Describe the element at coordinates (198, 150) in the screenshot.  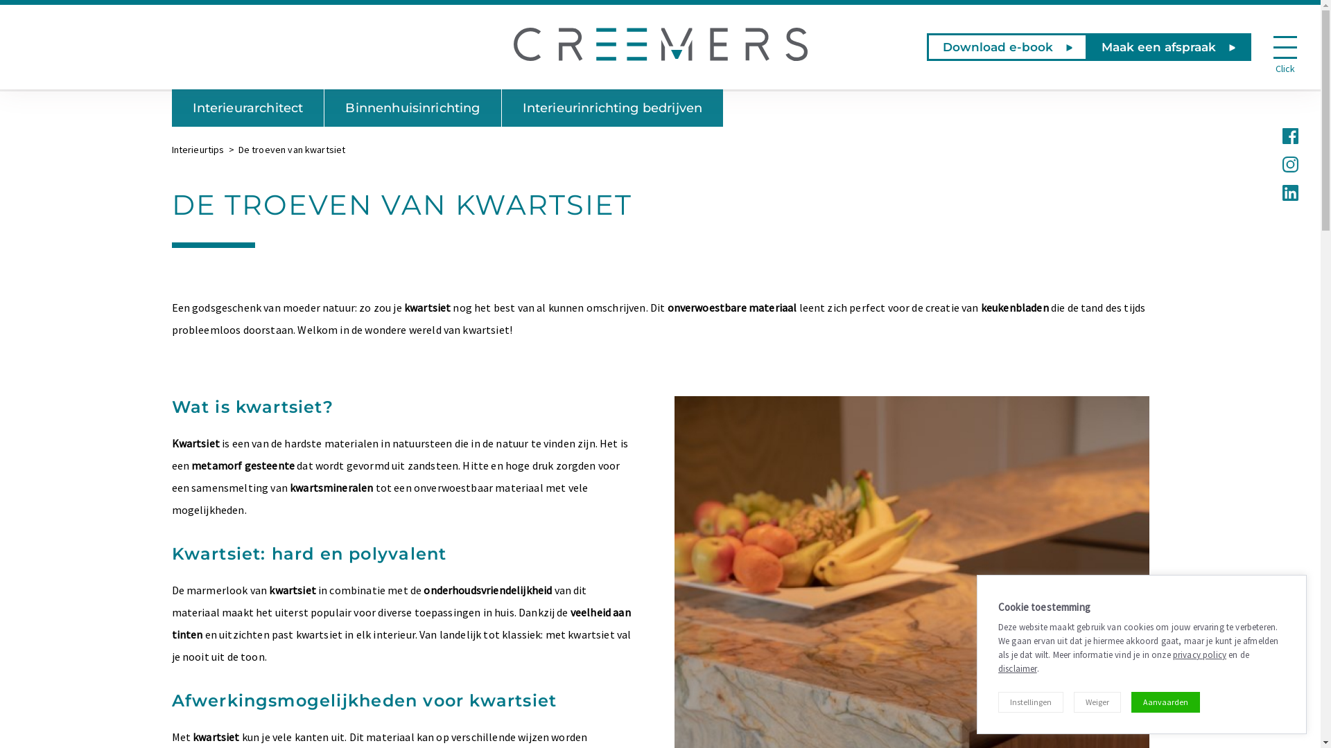
I see `'Interieurtips'` at that location.